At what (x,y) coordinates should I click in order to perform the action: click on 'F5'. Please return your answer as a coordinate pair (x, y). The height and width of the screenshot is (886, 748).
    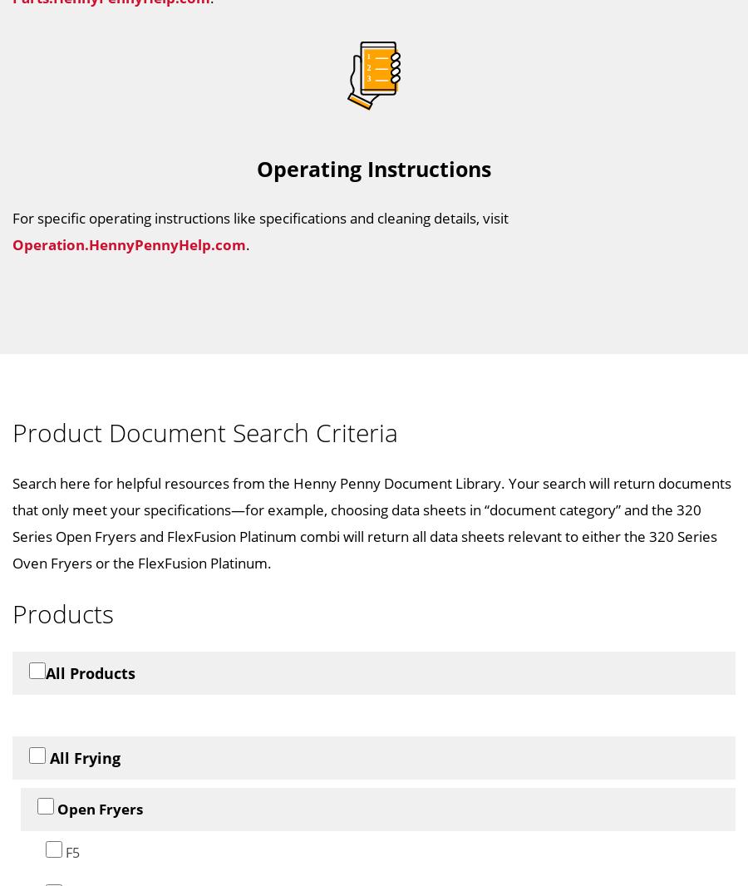
    Looking at the image, I should click on (70, 851).